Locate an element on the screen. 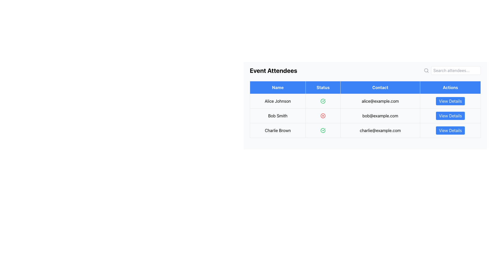 The image size is (495, 278). the blue button labeled 'View Details' that is the third button in the 'Actions' column of the table aligned with 'Charlie Brown' is located at coordinates (450, 130).